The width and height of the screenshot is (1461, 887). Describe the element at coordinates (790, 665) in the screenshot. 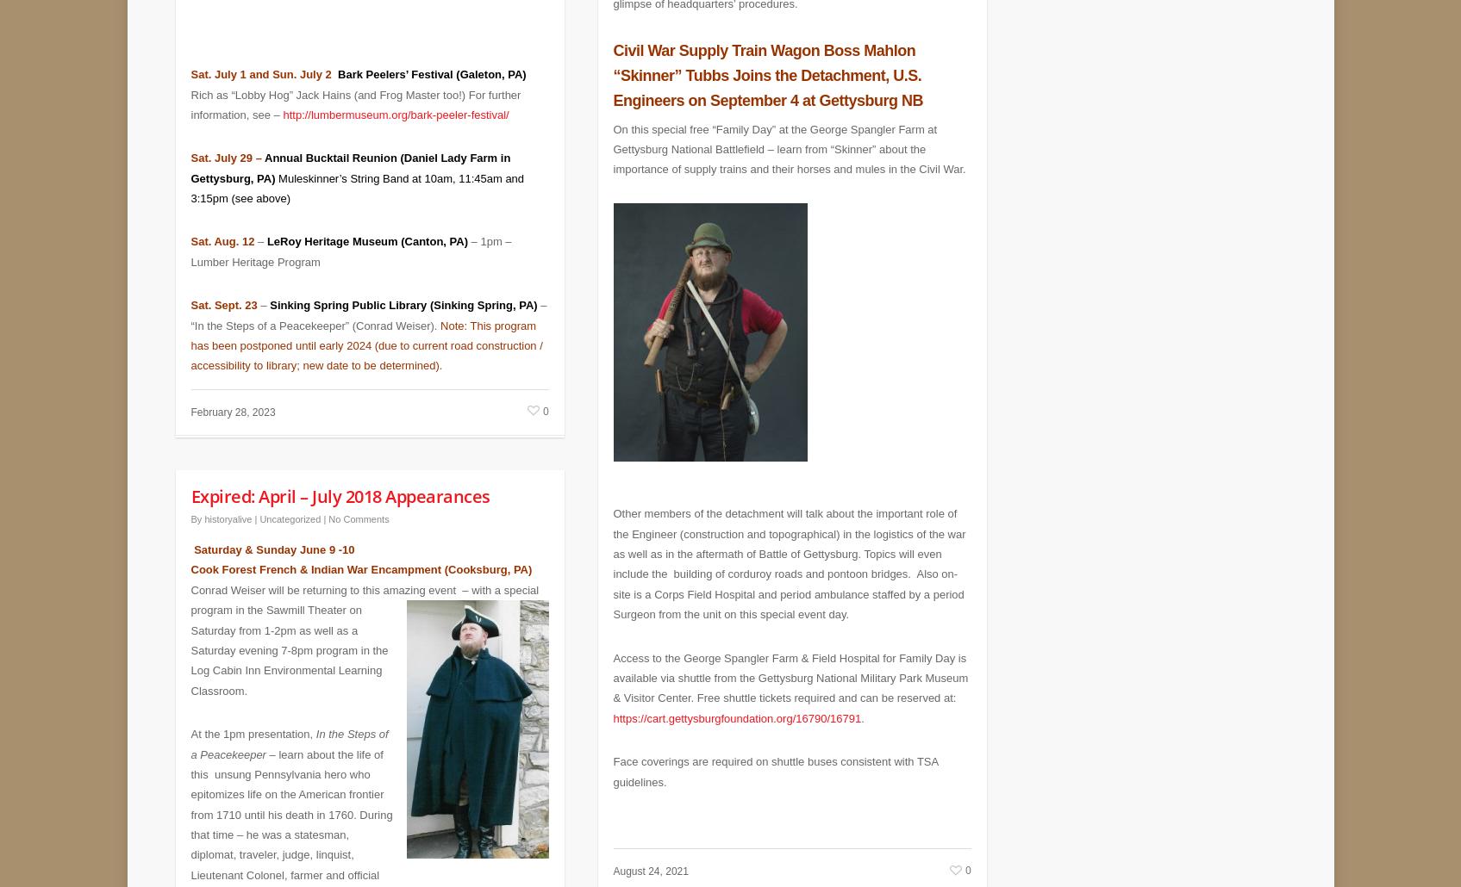

I see `'Access to the George Spangler Farm & Field Hospital for Family Day is available via shuttle from the Gettysburg National Military Park Museum & Visitor Center. Free shuttle tickets required and can be reserved at:'` at that location.